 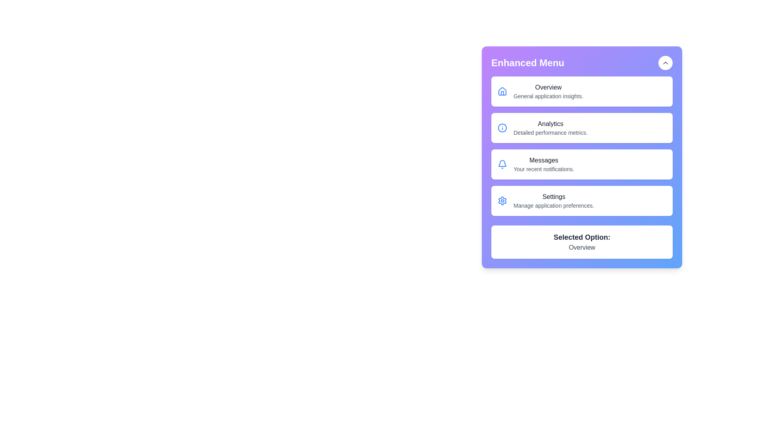 I want to click on the upward chevron indicator located in the top-right corner of the 'Enhanced Menu' panel to potentially reveal a tooltip, so click(x=665, y=62).